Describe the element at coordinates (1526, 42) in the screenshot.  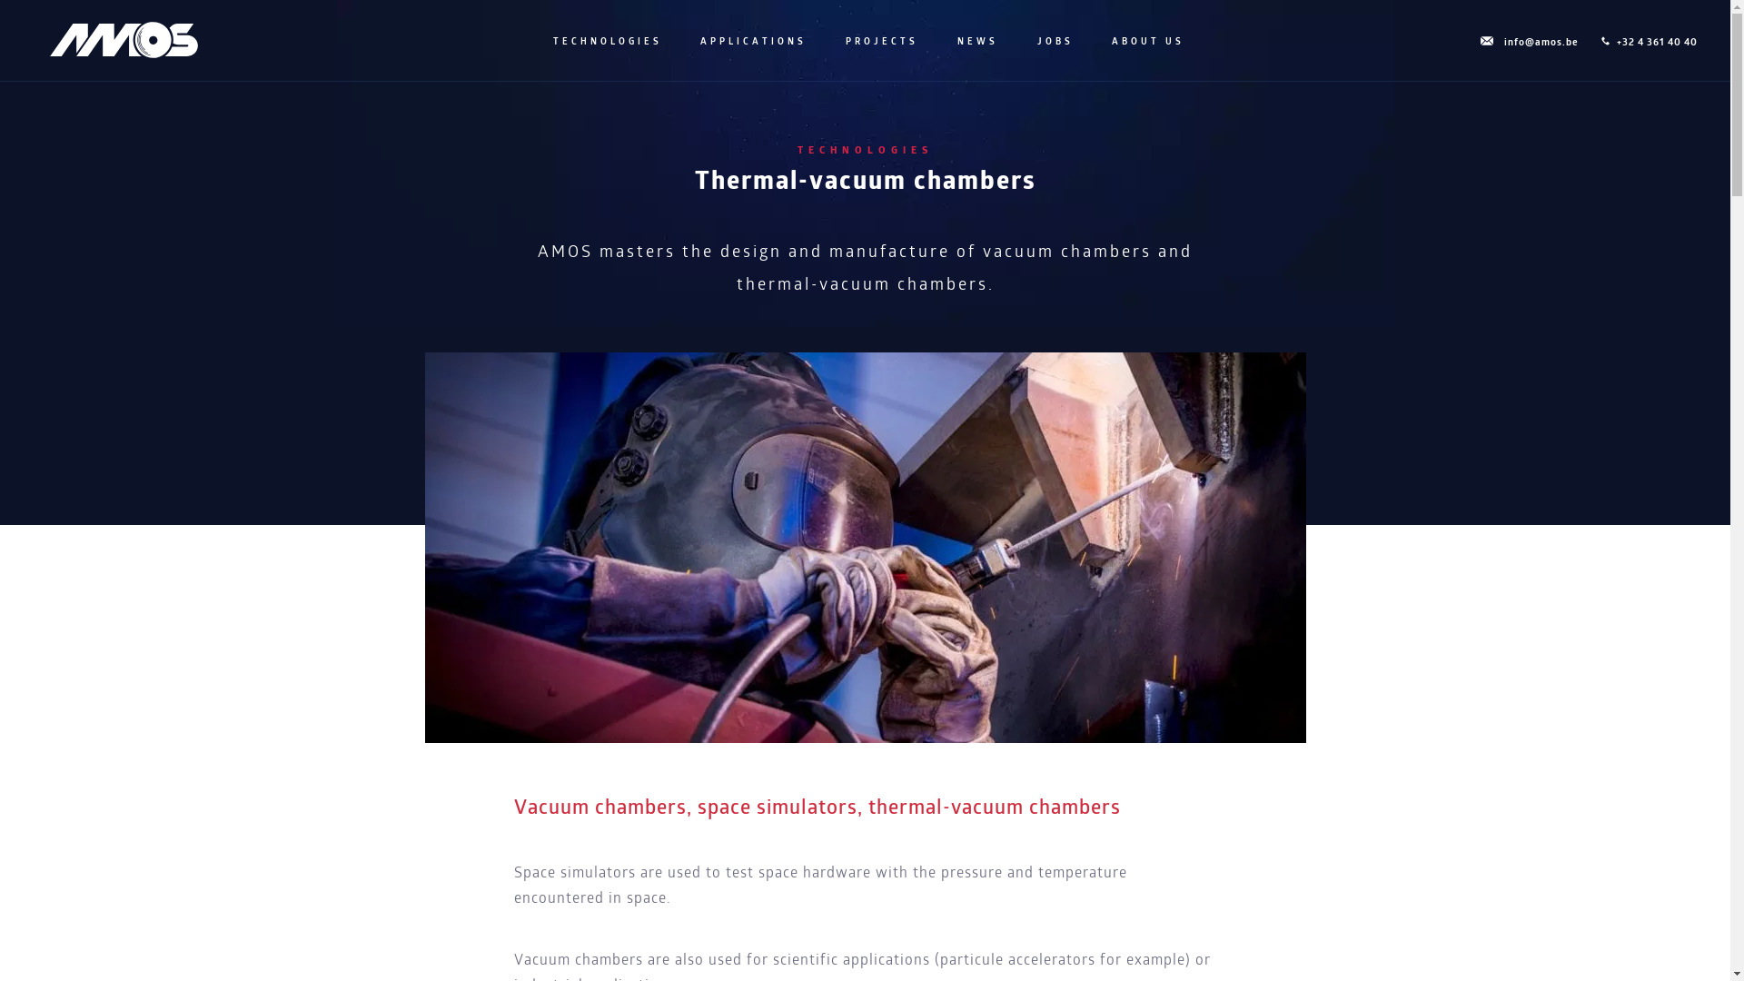
I see `'info@amos.be'` at that location.